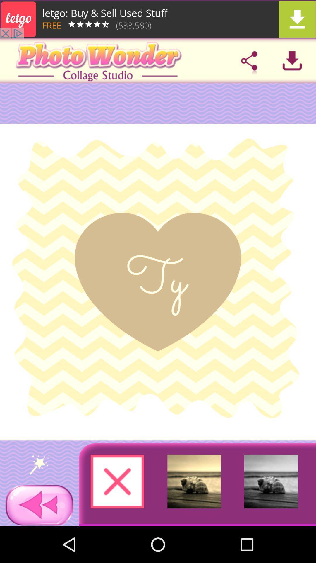 The width and height of the screenshot is (316, 563). Describe the element at coordinates (292, 61) in the screenshot. I see `download image` at that location.